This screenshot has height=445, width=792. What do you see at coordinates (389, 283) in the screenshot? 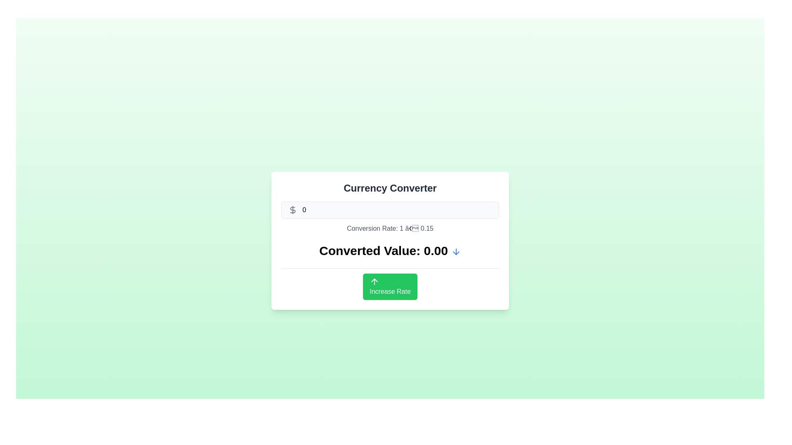
I see `the button located in the Currency Converter section, positioned below 'Converted Value: 0.00'` at bounding box center [389, 283].